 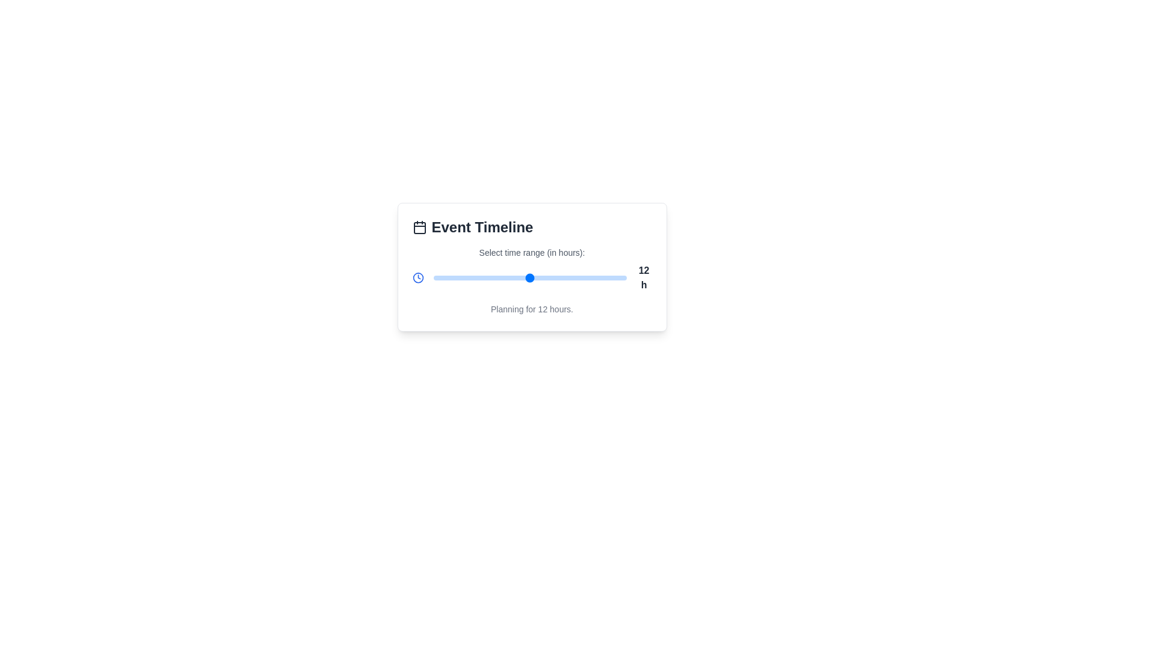 I want to click on the rounded rectangle inside the calendar icon at the top left corner of the 'Event Timeline' card, which is visually distinct with a minimalist design, so click(x=419, y=227).